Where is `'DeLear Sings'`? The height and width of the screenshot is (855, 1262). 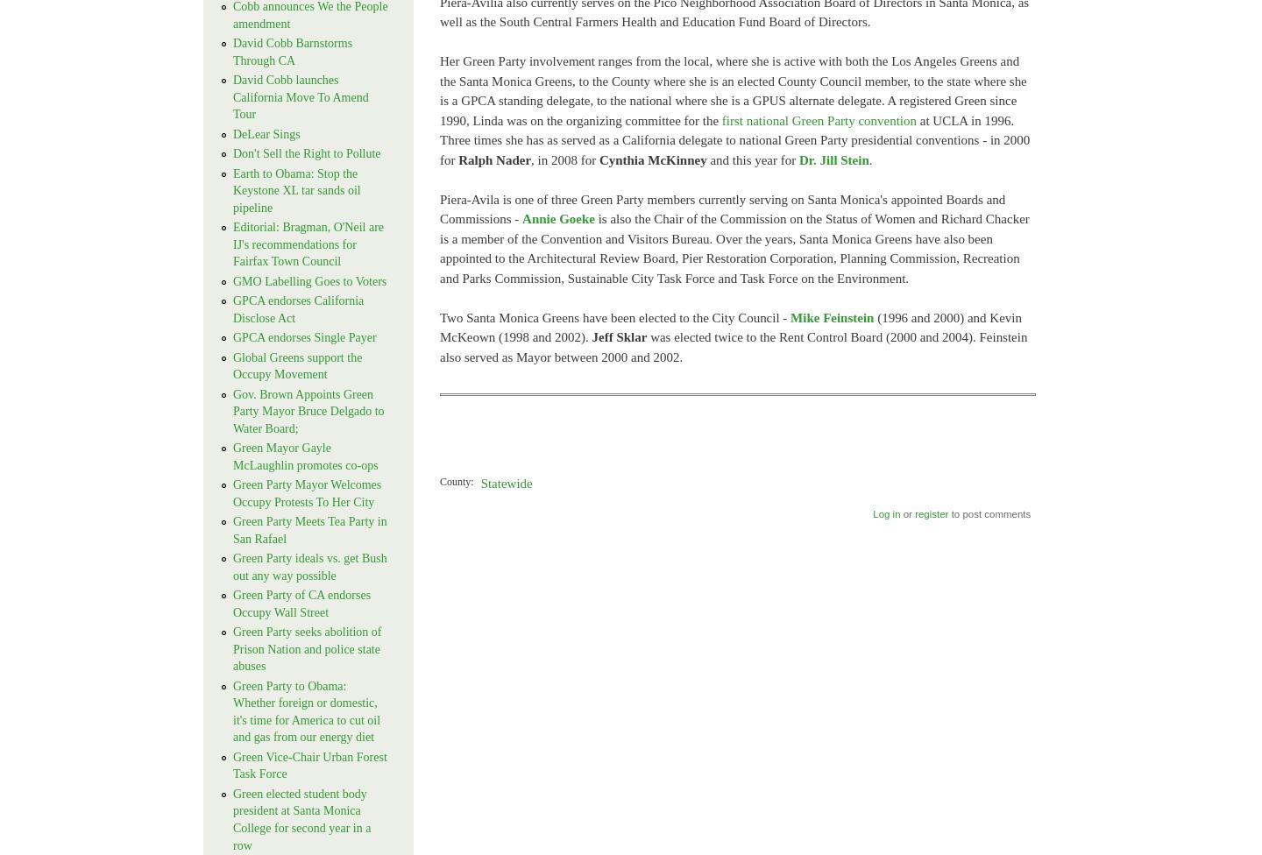
'DeLear Sings' is located at coordinates (266, 132).